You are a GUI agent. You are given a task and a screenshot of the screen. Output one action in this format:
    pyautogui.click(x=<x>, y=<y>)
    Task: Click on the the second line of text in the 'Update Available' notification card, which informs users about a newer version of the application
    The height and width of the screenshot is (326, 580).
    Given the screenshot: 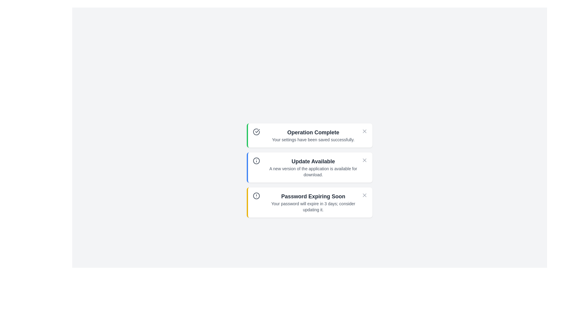 What is the action you would take?
    pyautogui.click(x=313, y=172)
    